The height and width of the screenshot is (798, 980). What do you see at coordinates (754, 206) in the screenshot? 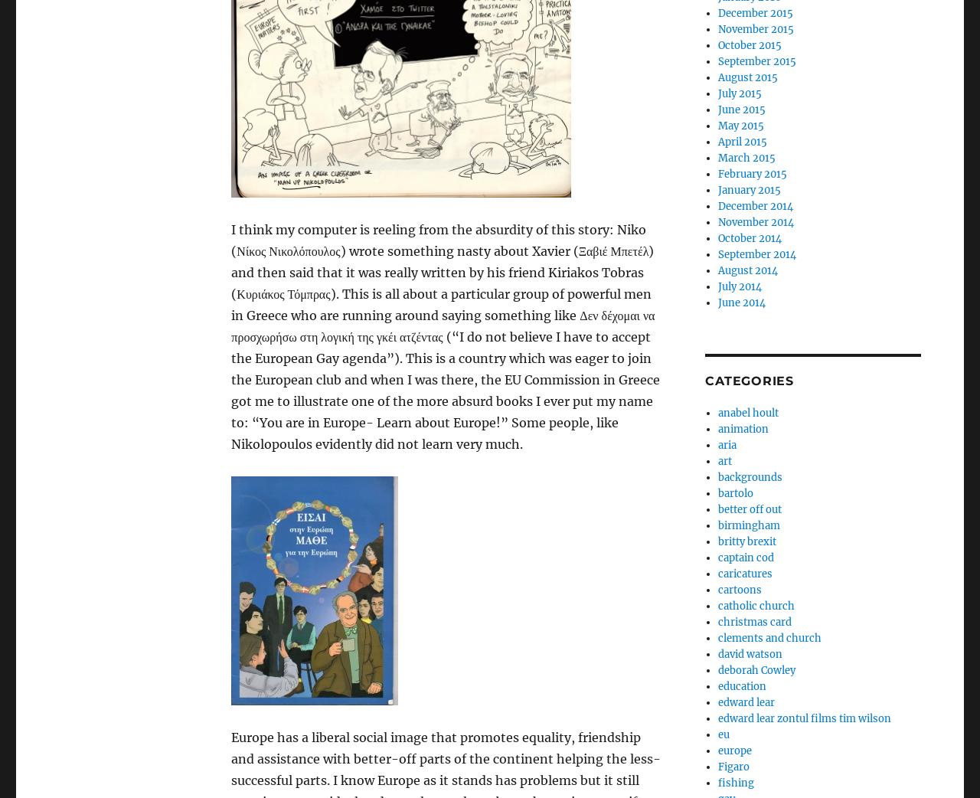
I see `'December 2014'` at bounding box center [754, 206].